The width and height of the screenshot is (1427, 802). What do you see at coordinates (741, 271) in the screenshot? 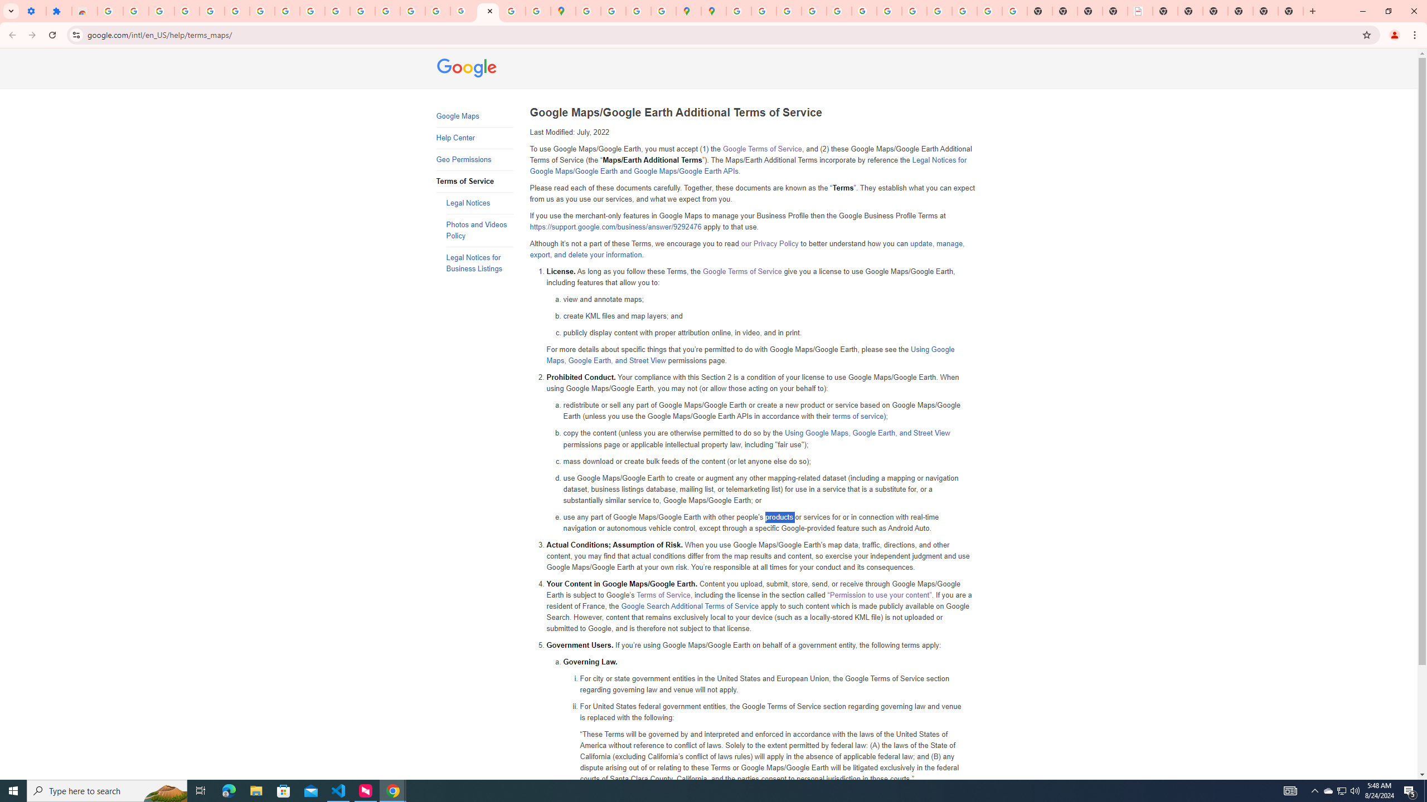
I see `'Google Terms of Service'` at bounding box center [741, 271].